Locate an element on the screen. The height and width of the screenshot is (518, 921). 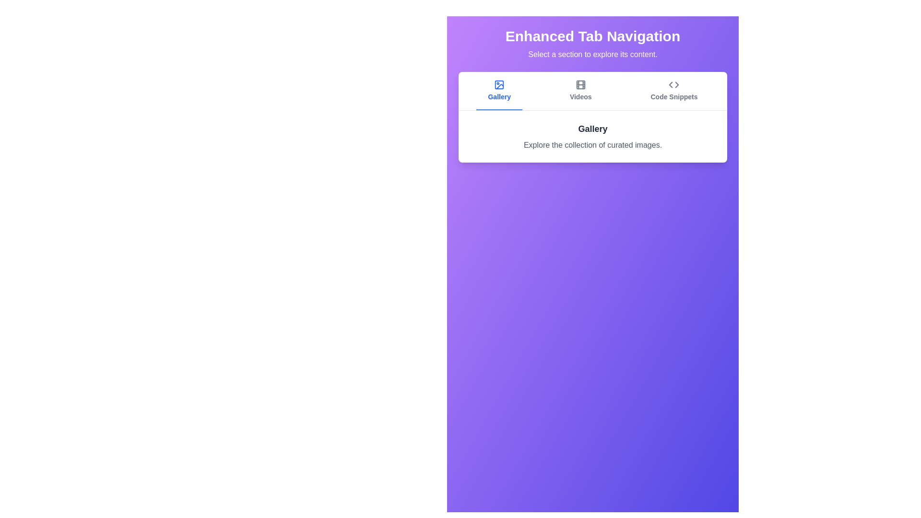
the icon of the Videos tab is located at coordinates (580, 84).